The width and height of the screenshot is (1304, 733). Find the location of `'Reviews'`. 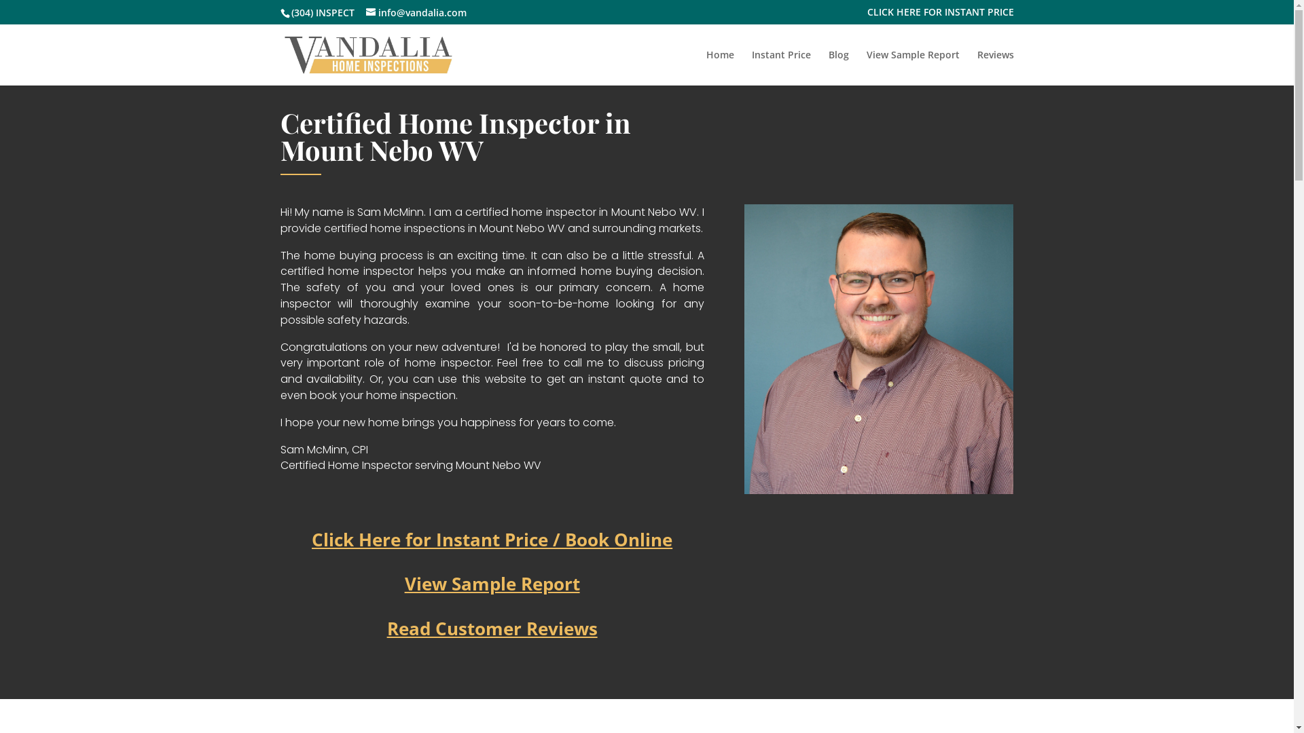

'Reviews' is located at coordinates (976, 68).